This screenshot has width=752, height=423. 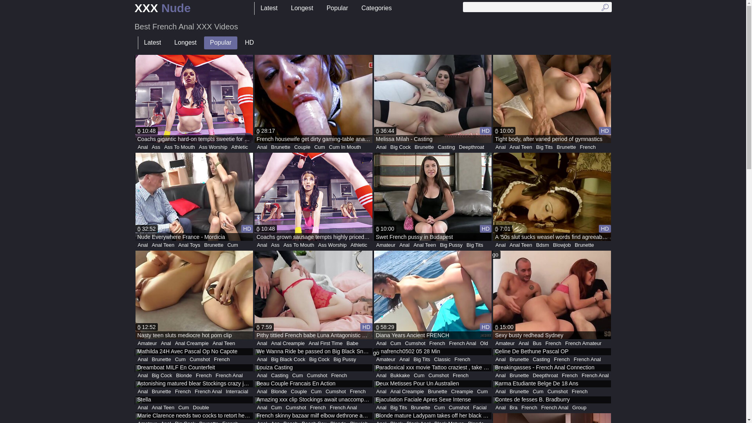 What do you see at coordinates (194, 196) in the screenshot?
I see `'Nude Everywhere France - Mordicia` at bounding box center [194, 196].